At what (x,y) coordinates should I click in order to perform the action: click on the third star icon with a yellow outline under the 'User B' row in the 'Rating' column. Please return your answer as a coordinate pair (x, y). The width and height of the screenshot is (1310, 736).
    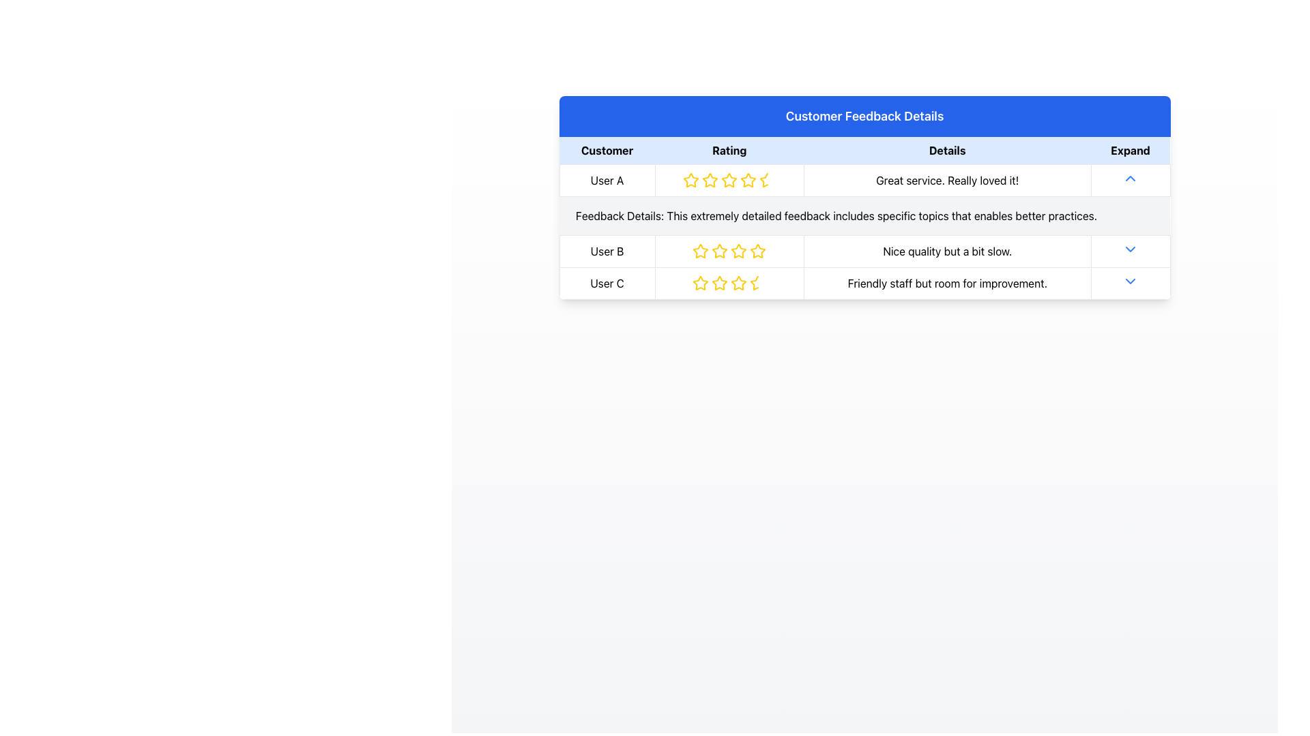
    Looking at the image, I should click on (719, 251).